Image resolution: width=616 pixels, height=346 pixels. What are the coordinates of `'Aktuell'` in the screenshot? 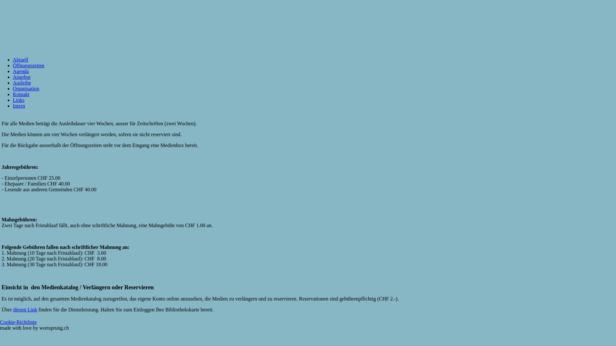 It's located at (20, 60).